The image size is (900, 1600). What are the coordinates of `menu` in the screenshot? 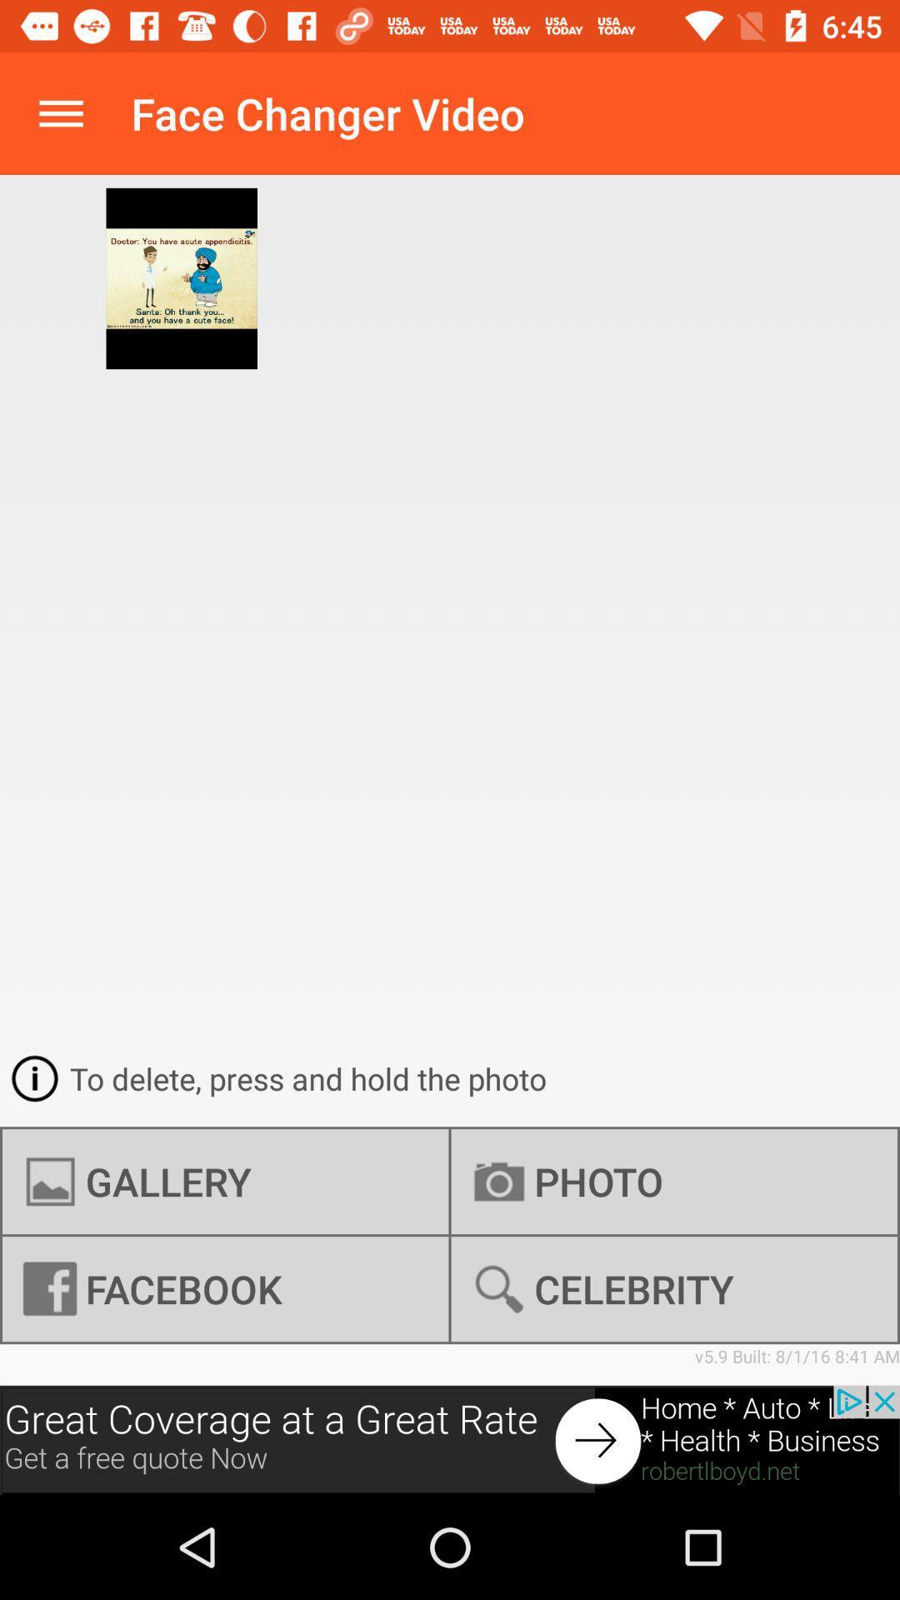 It's located at (60, 112).